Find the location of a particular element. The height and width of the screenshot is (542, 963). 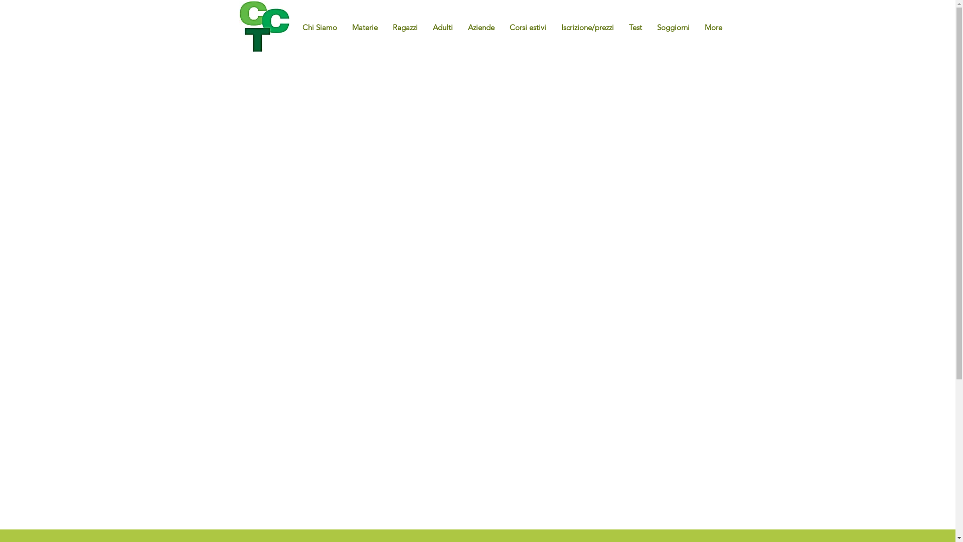

'Adulti' is located at coordinates (380, 23).